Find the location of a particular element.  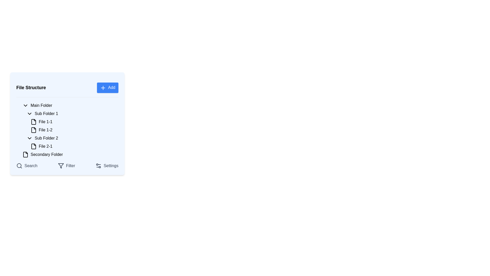

the list item named 'File 2-1' located under 'Sub Folder 2' is located at coordinates (71, 146).